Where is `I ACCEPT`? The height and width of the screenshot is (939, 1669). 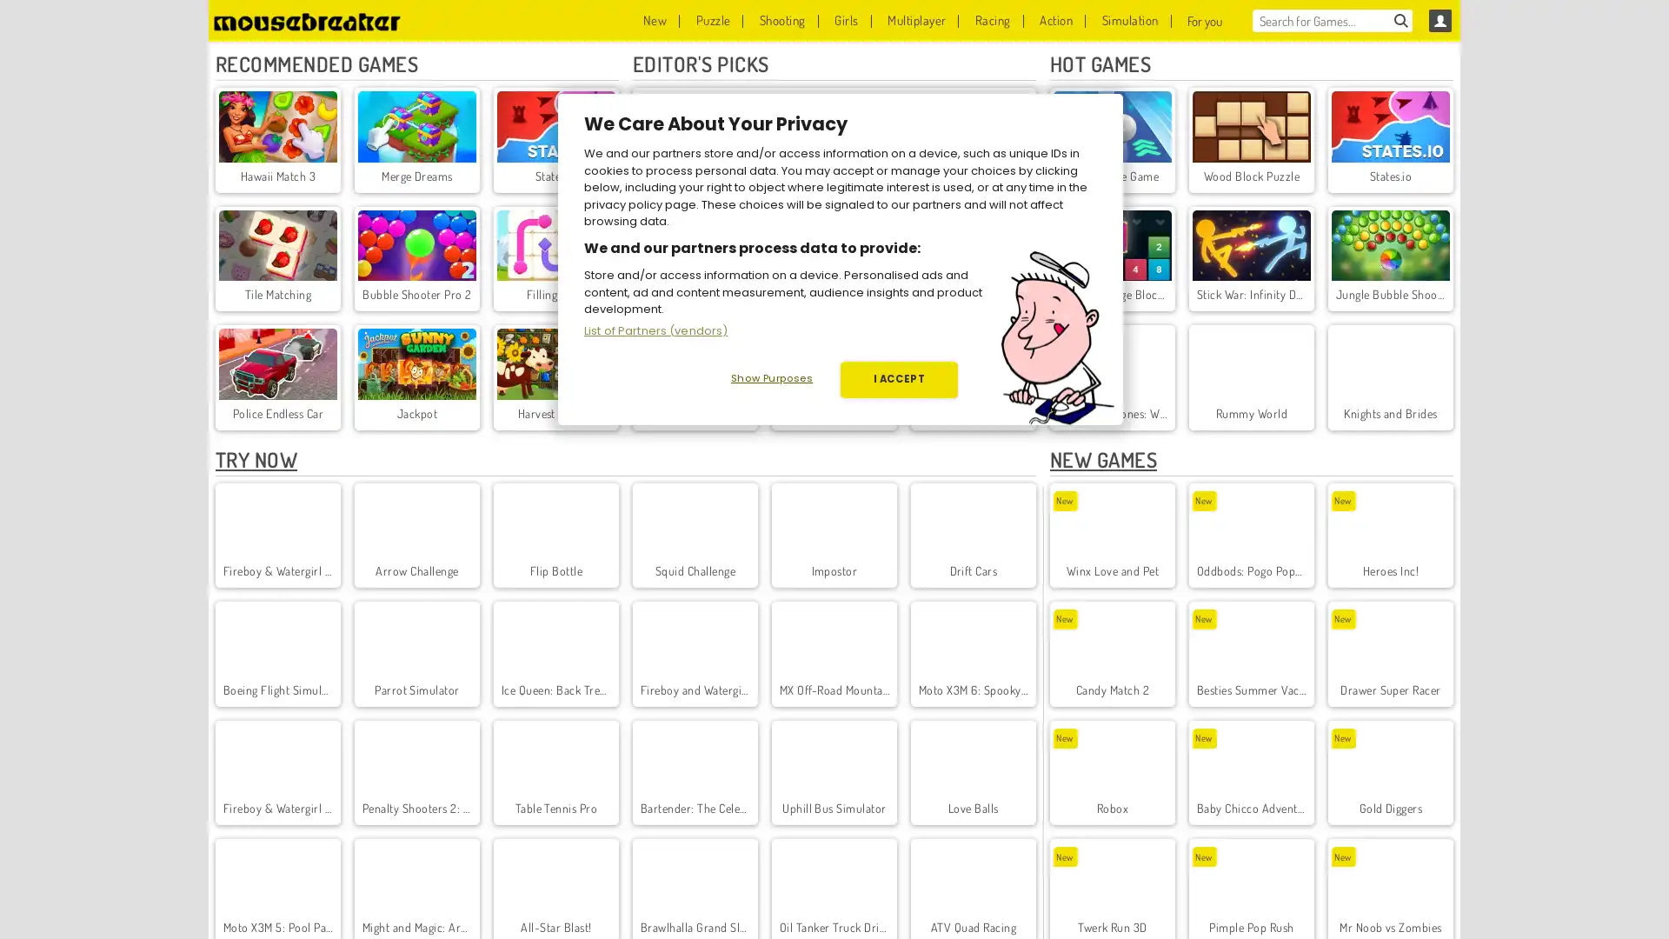
I ACCEPT is located at coordinates (899, 377).